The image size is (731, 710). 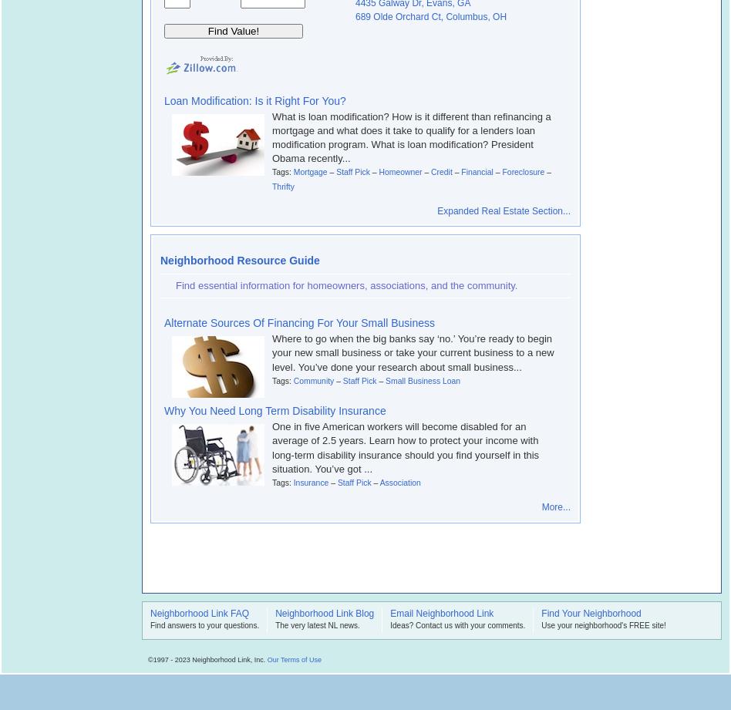 I want to click on '689 Olde Orchard Ct, Columbus, OH', so click(x=431, y=15).